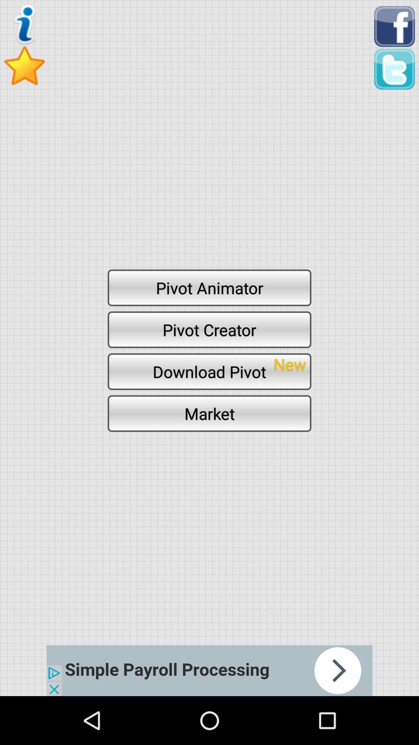 Image resolution: width=419 pixels, height=745 pixels. Describe the element at coordinates (209, 329) in the screenshot. I see `the icon below pivot animator` at that location.